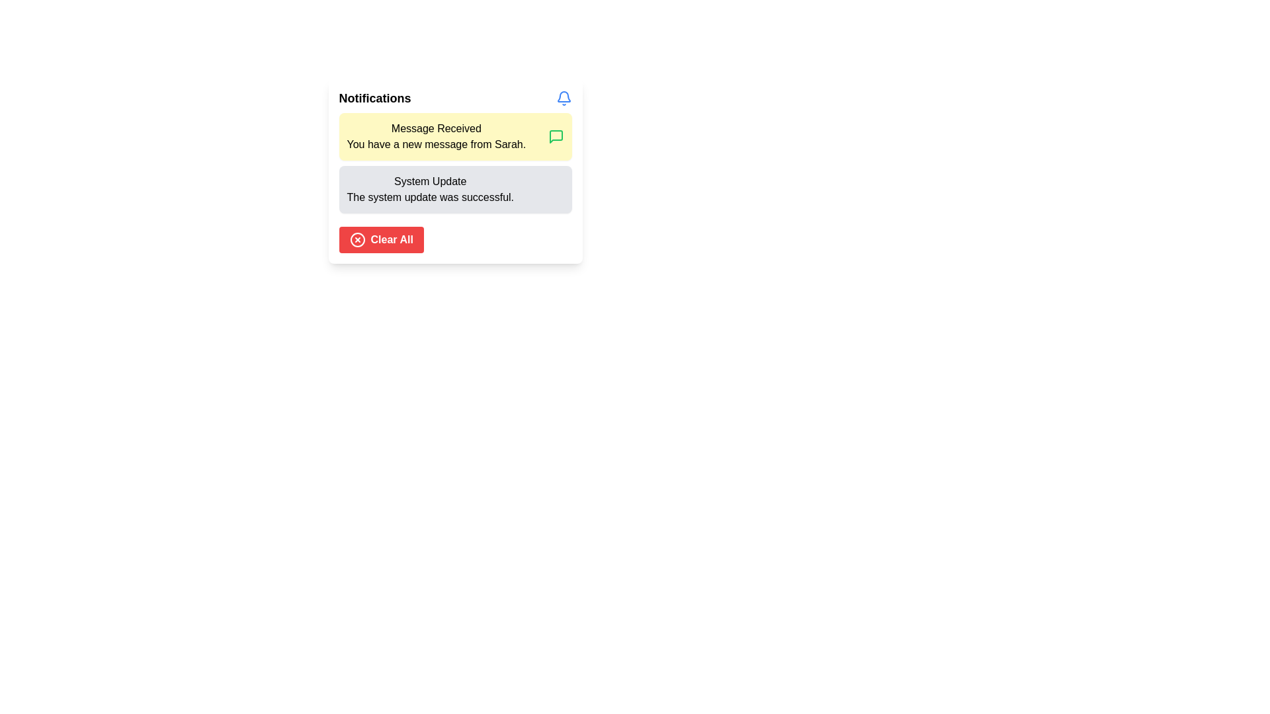 The height and width of the screenshot is (714, 1270). I want to click on the lower part of the bell icon located near the top-right corner of the notification panel, so click(564, 96).